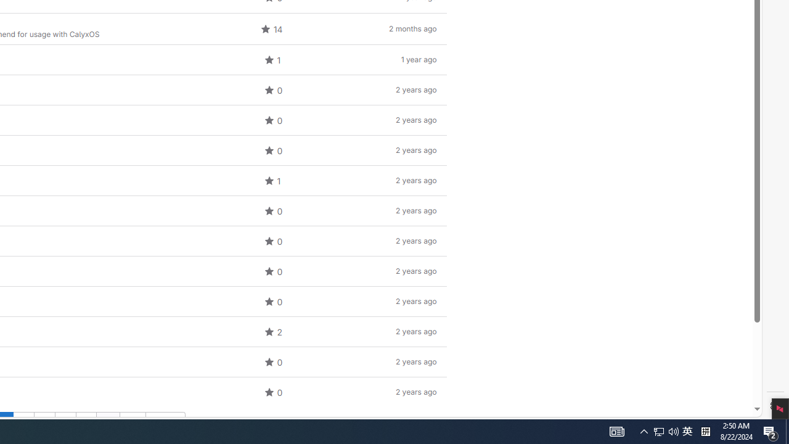 Image resolution: width=789 pixels, height=444 pixels. Describe the element at coordinates (85, 422) in the screenshot. I see `'Go to page 5'` at that location.